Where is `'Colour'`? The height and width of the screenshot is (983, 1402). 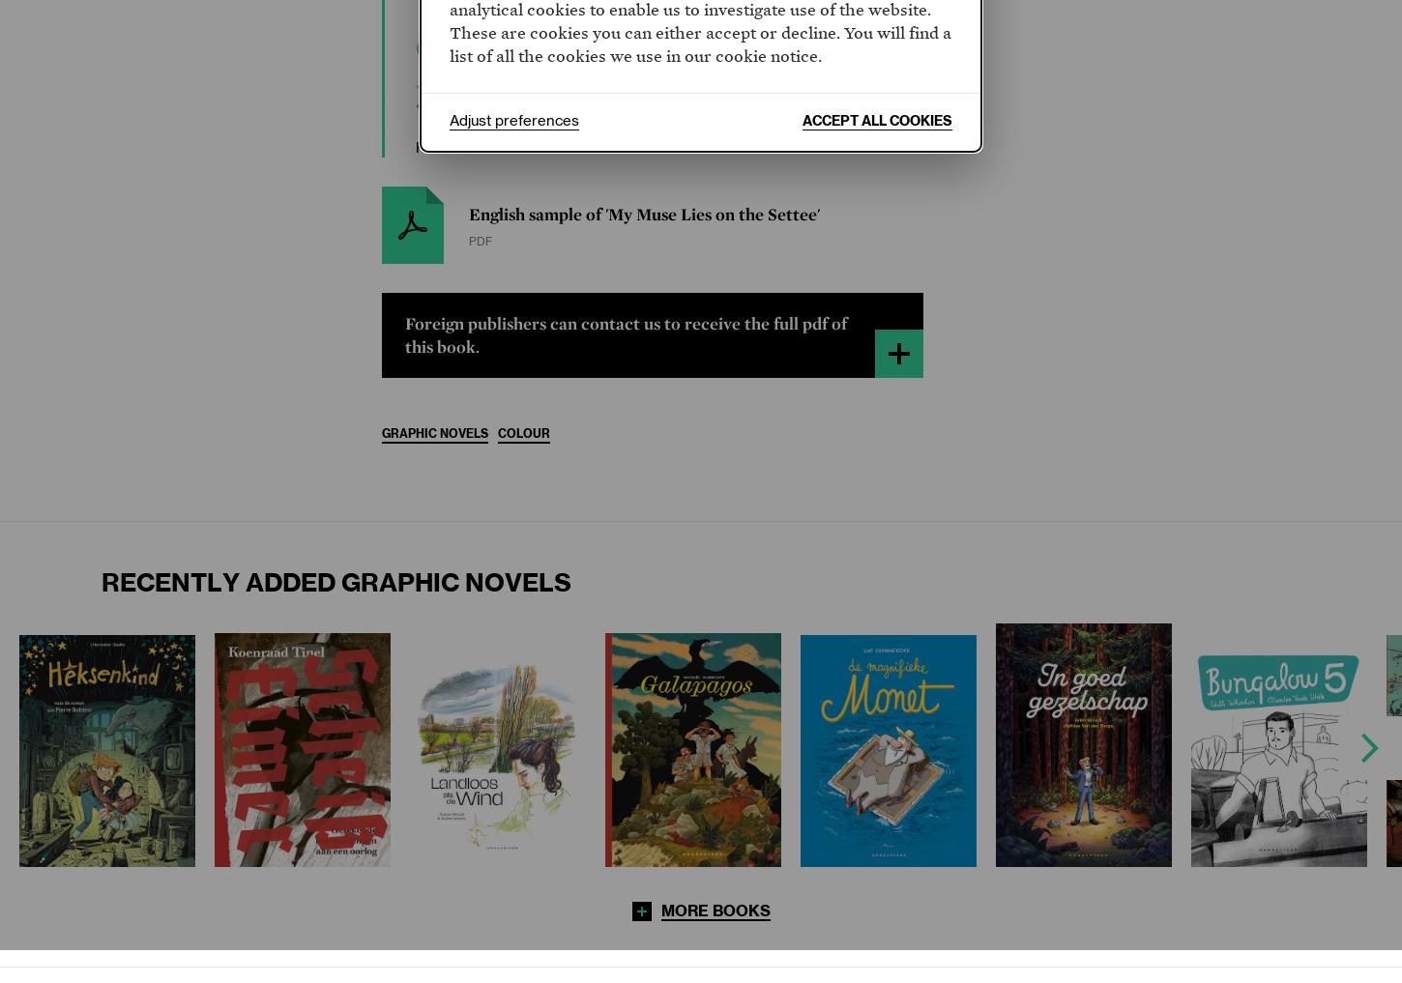
'Colour' is located at coordinates (524, 434).